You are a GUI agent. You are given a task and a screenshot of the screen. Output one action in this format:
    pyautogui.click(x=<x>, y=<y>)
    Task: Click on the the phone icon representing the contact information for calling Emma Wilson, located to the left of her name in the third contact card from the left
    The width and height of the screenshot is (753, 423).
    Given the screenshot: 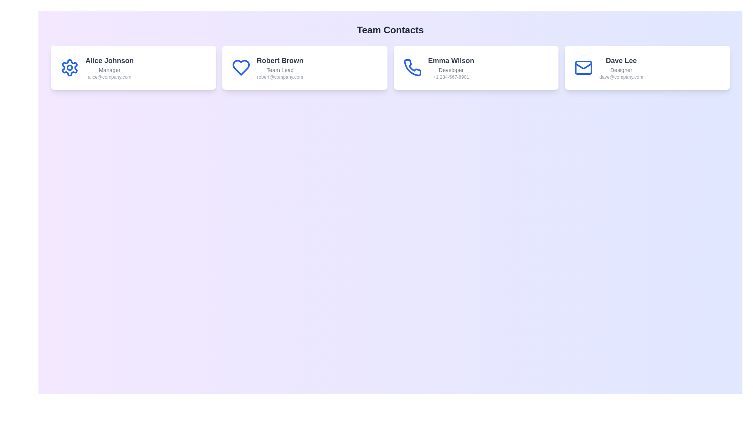 What is the action you would take?
    pyautogui.click(x=412, y=67)
    